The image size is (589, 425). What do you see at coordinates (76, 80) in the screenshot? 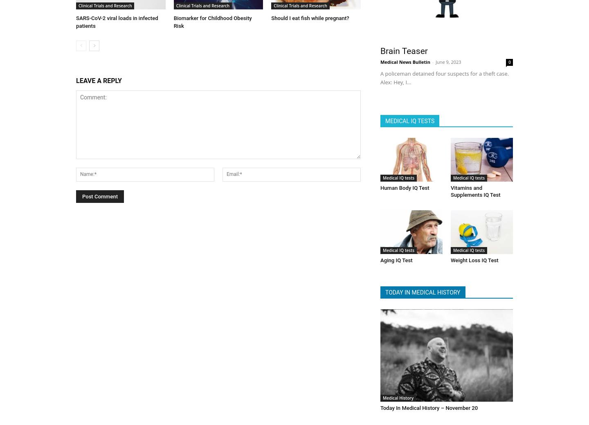
I see `'LEAVE A REPLY'` at bounding box center [76, 80].